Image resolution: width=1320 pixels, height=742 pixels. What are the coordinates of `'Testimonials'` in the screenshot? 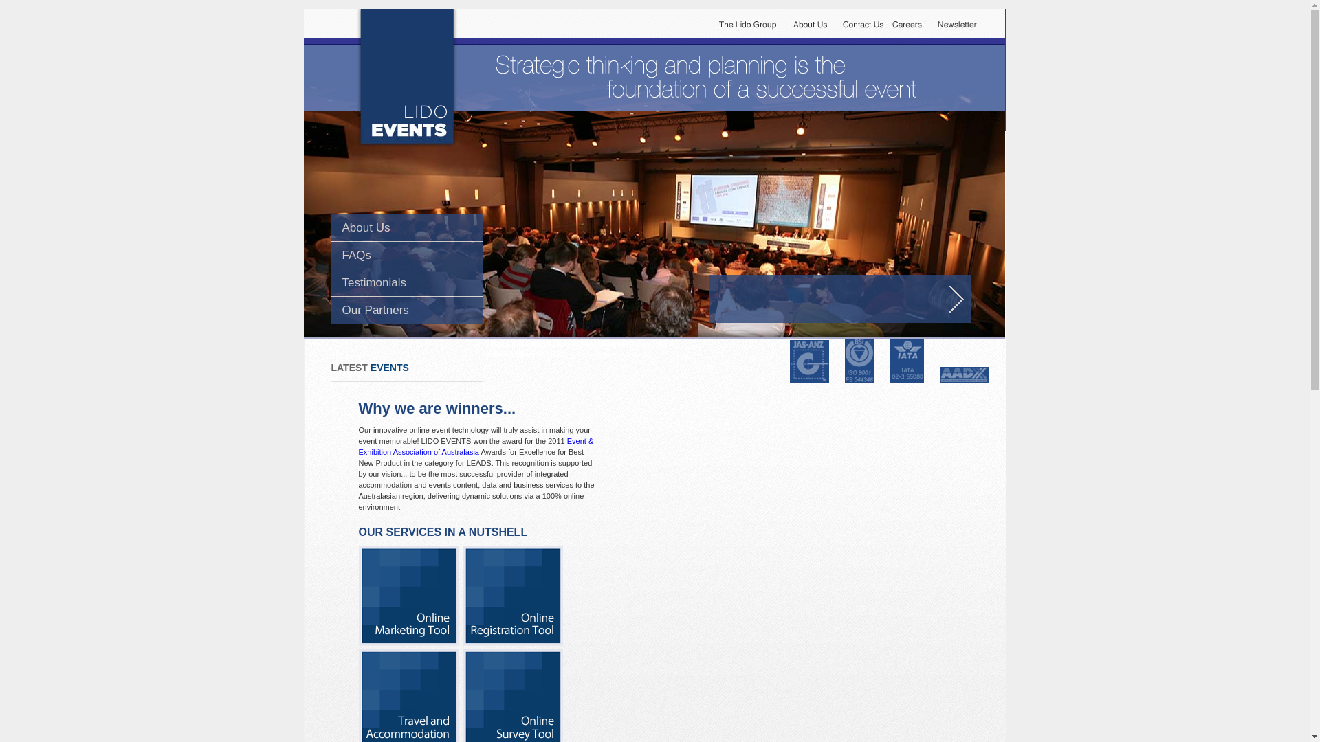 It's located at (375, 282).